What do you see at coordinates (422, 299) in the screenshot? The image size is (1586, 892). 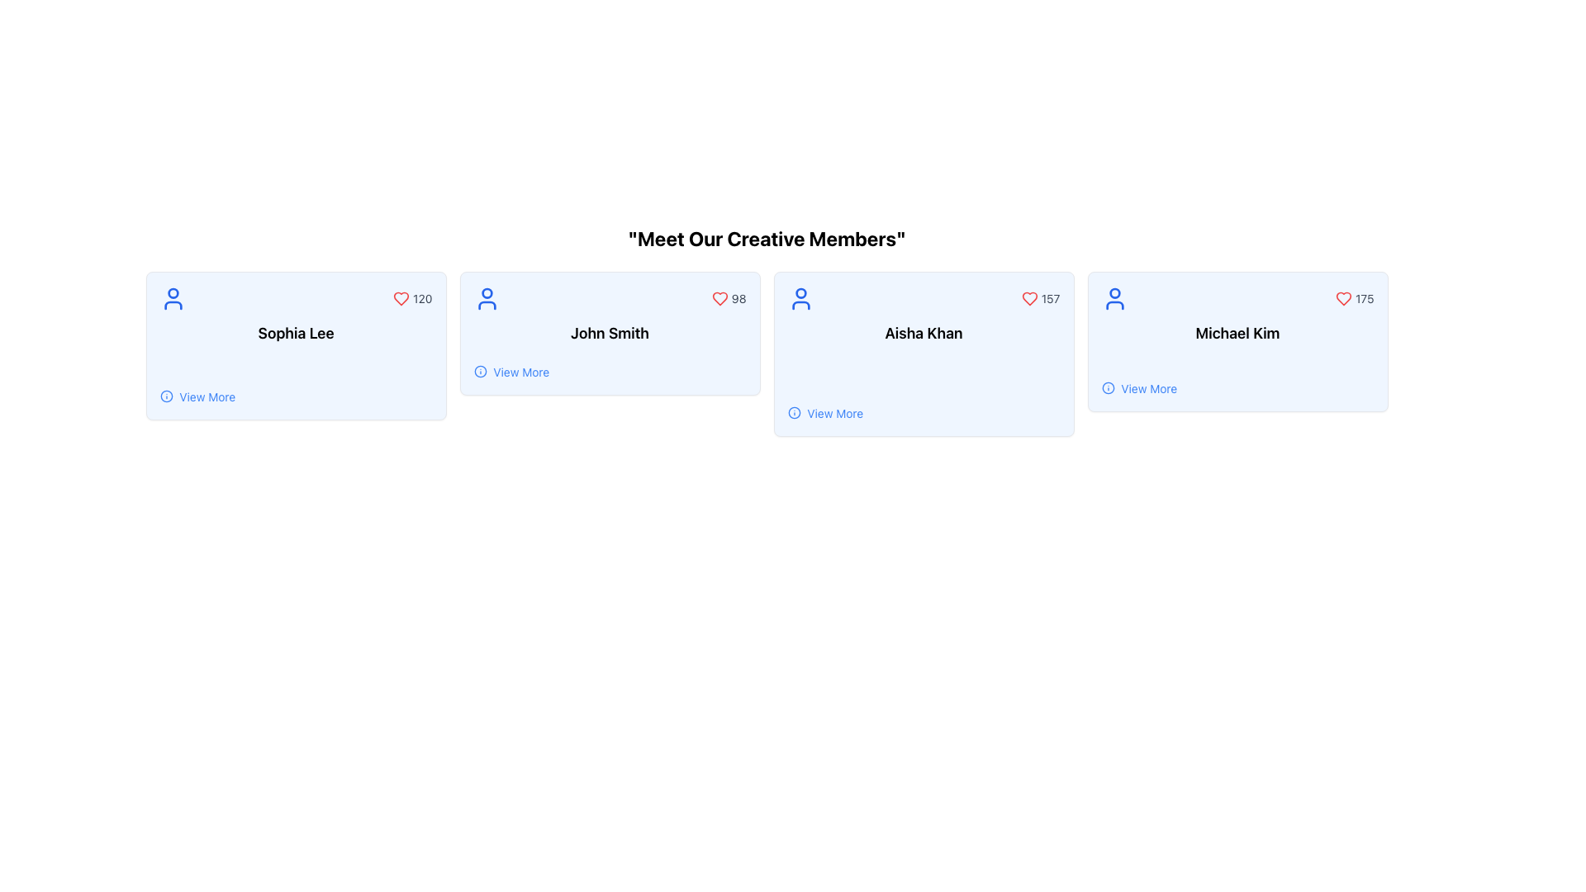 I see `text component displaying the number '120' located to the right of the red heart icon in the top right corner of the card labeled 'Sophia Lee.'` at bounding box center [422, 299].